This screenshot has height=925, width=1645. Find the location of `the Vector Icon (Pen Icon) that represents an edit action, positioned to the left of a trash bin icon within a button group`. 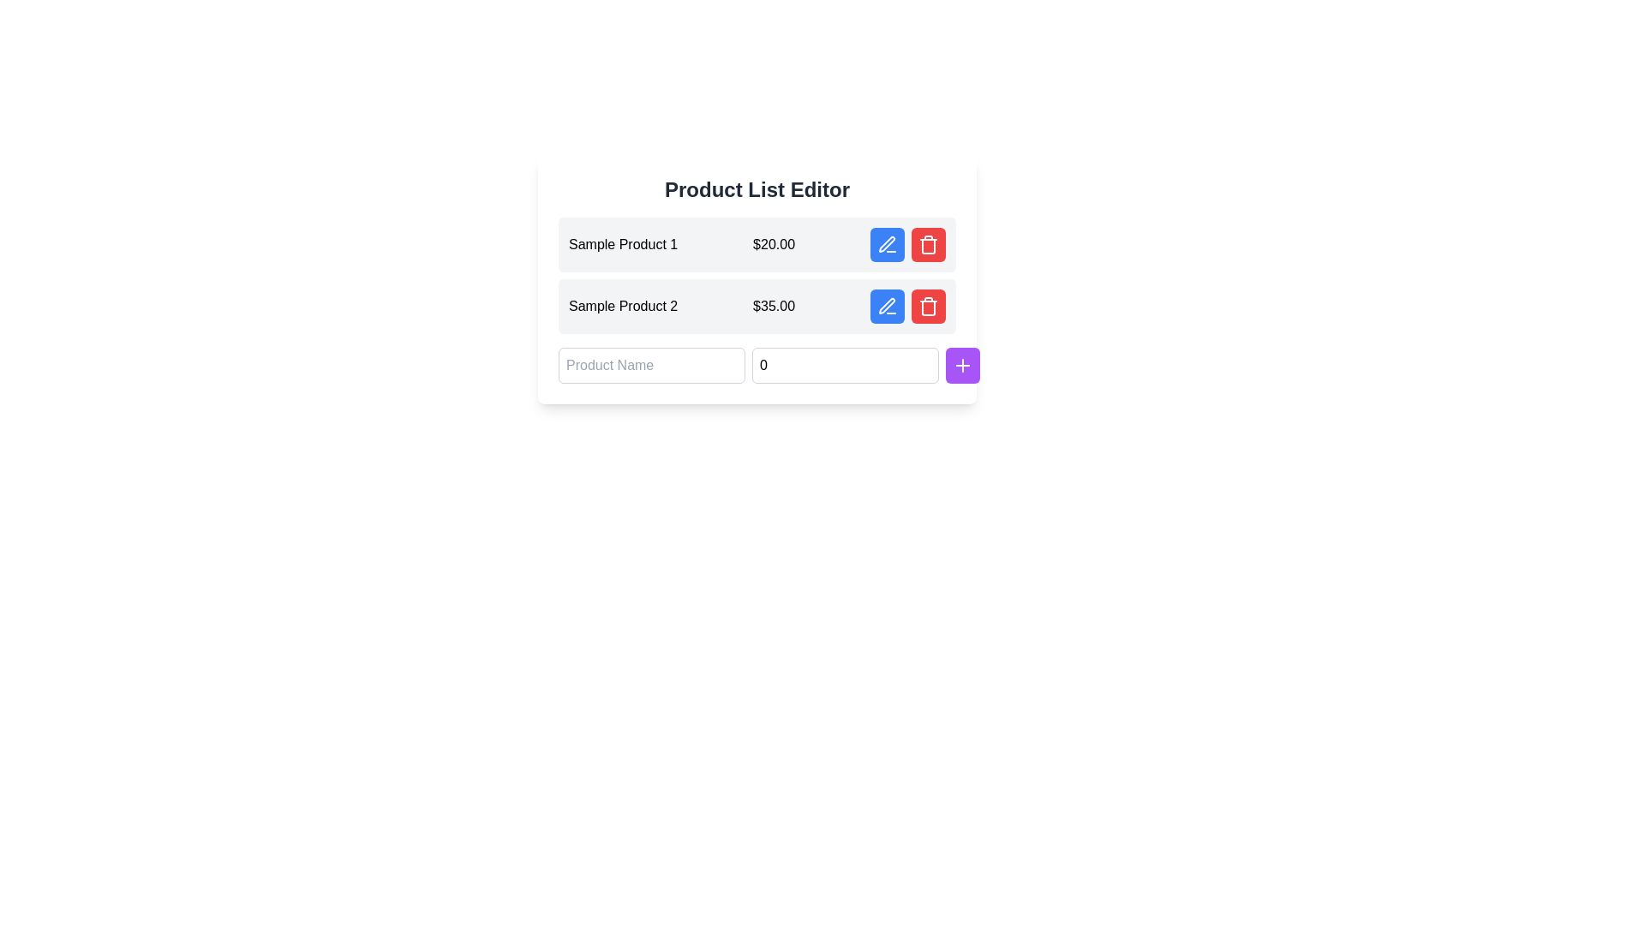

the Vector Icon (Pen Icon) that represents an edit action, positioned to the left of a trash bin icon within a button group is located at coordinates (887, 244).